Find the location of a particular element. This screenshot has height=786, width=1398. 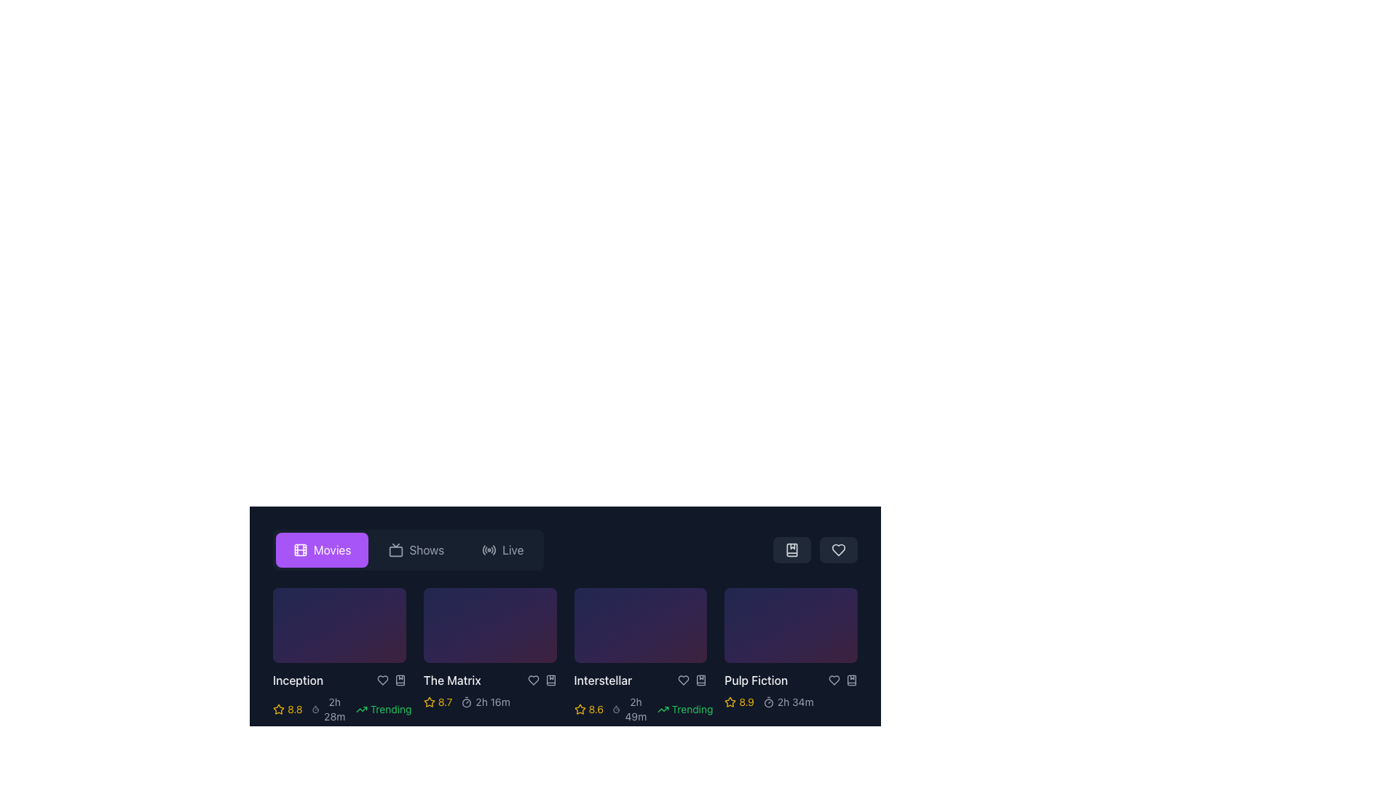

the heart-shaped icon located to the right of the 'Interstellar' movie entry to trigger tooltip or hover effects is located at coordinates (683, 680).